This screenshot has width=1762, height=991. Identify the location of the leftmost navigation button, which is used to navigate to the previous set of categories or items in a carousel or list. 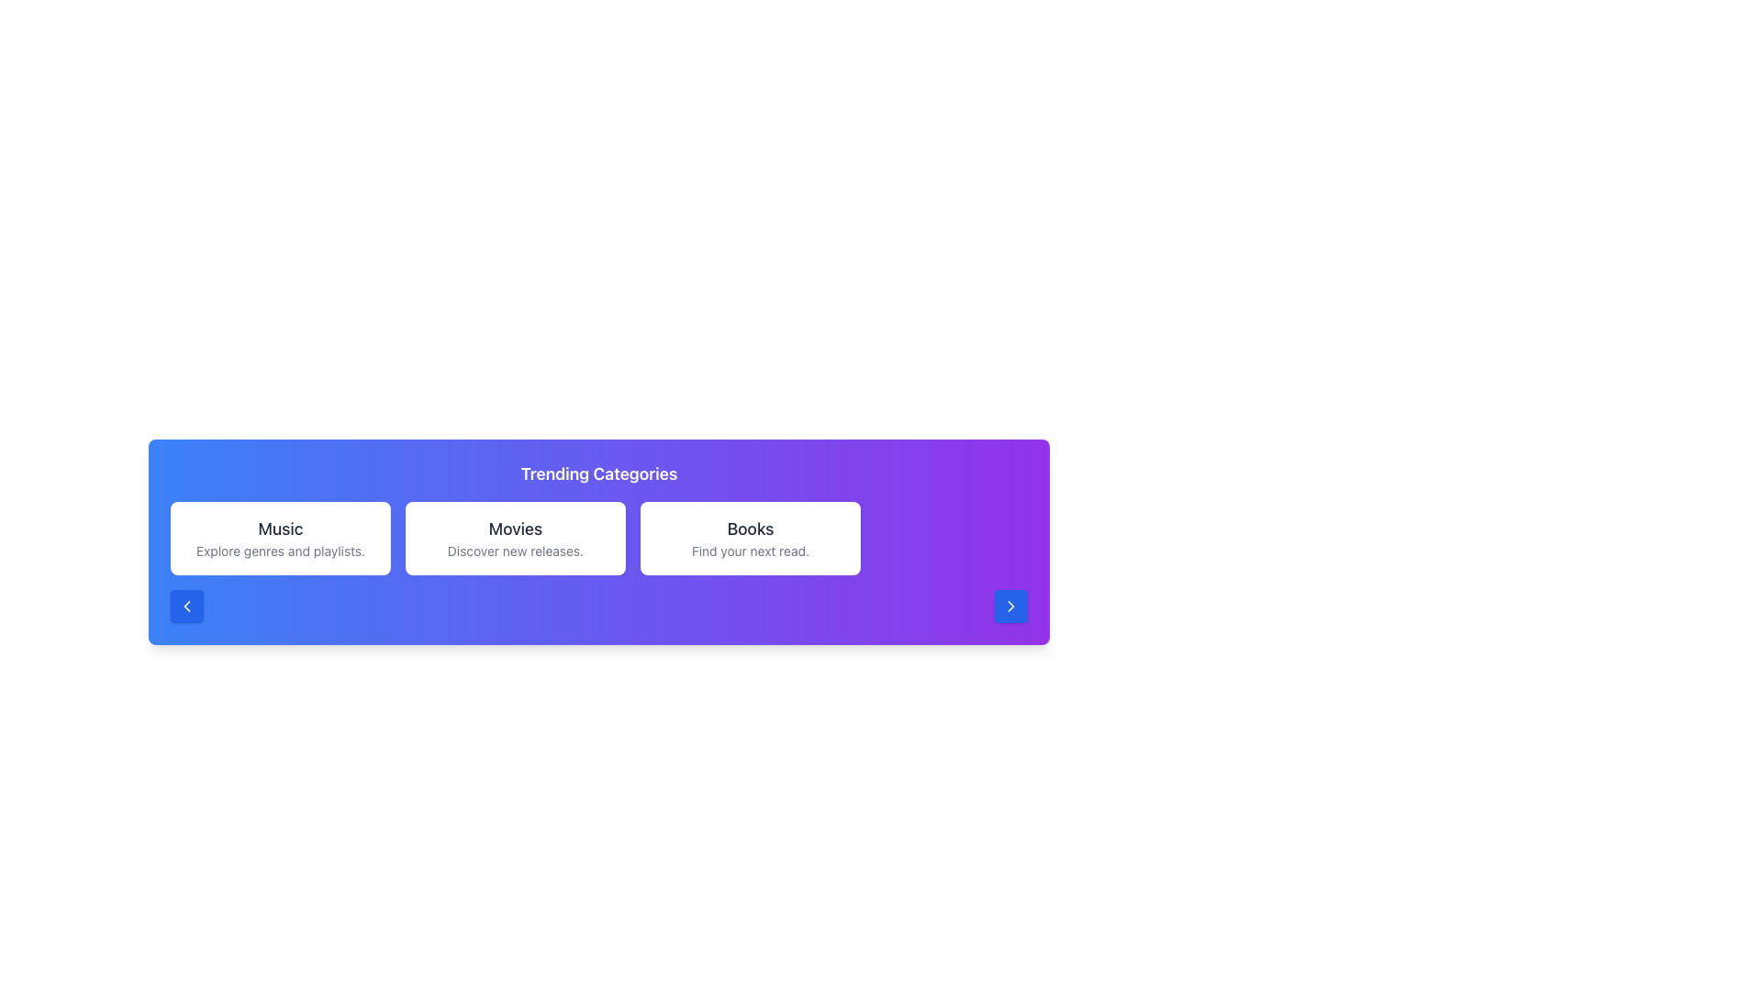
(186, 606).